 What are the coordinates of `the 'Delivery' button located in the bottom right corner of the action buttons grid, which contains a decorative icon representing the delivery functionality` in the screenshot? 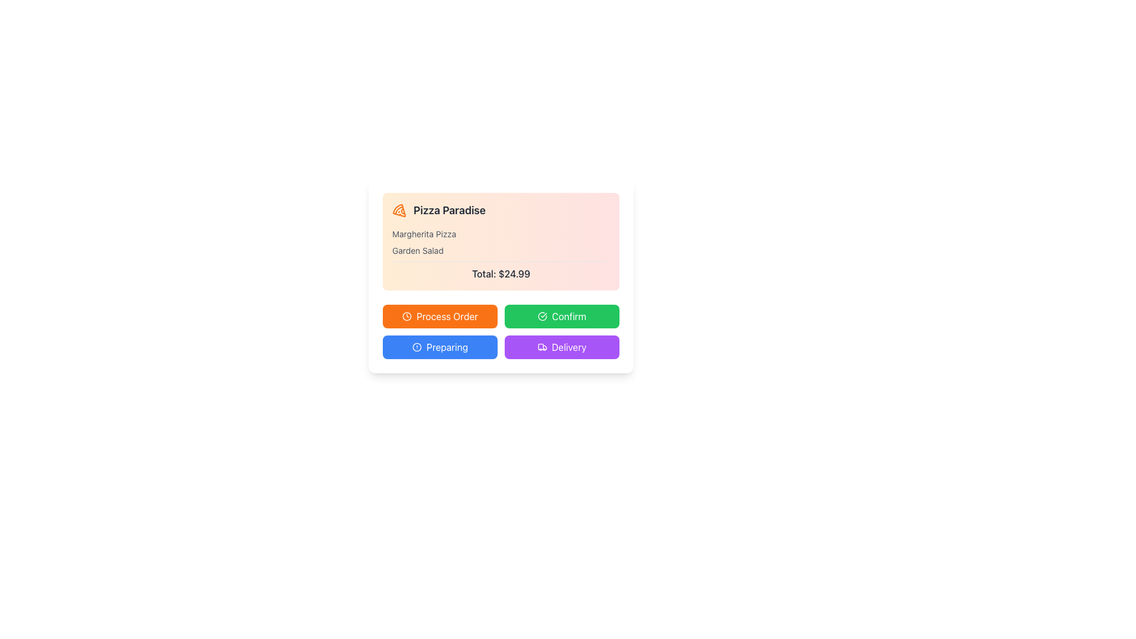 It's located at (541, 346).